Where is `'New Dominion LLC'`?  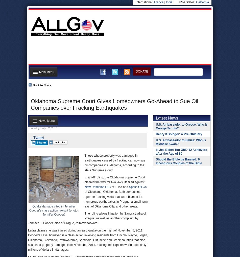 'New Dominion LLC' is located at coordinates (97, 187).